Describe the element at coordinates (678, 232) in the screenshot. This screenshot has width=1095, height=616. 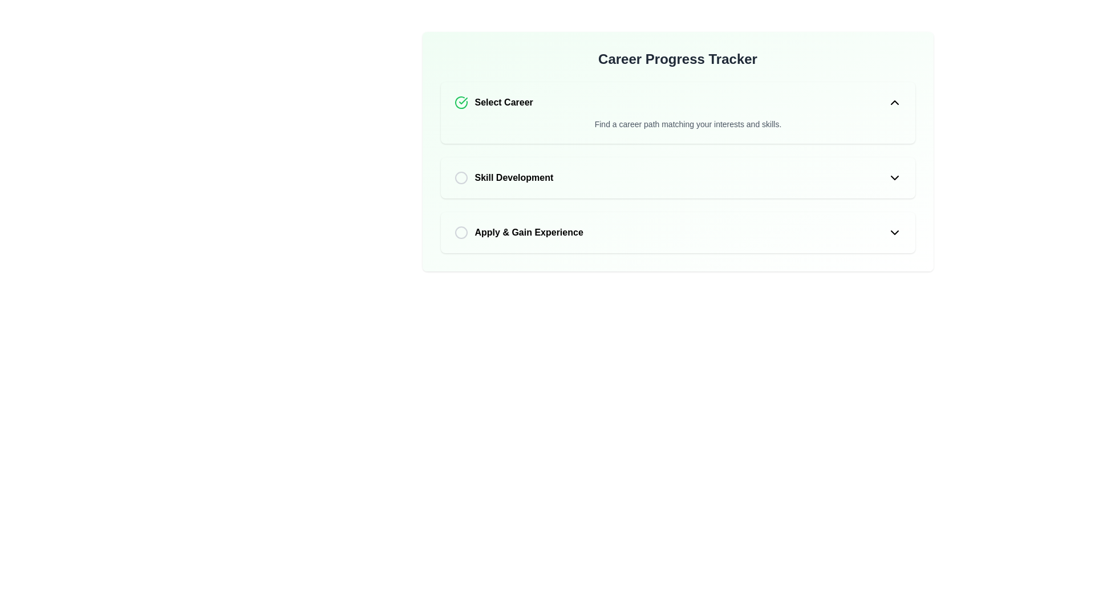
I see `the 'Apply & Gain Experience' dropdown menu item located in the 'Career Progress Tracker' section` at that location.